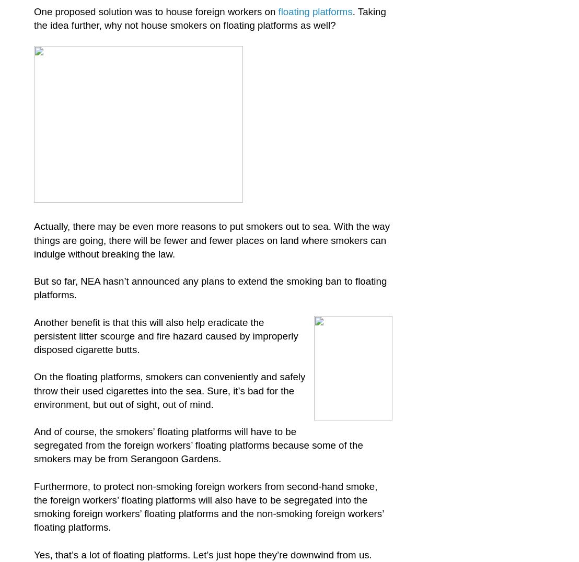 This screenshot has width=579, height=562. What do you see at coordinates (210, 17) in the screenshot?
I see `'. Taking the idea further, why not house smokers on floating platforms as well?'` at bounding box center [210, 17].